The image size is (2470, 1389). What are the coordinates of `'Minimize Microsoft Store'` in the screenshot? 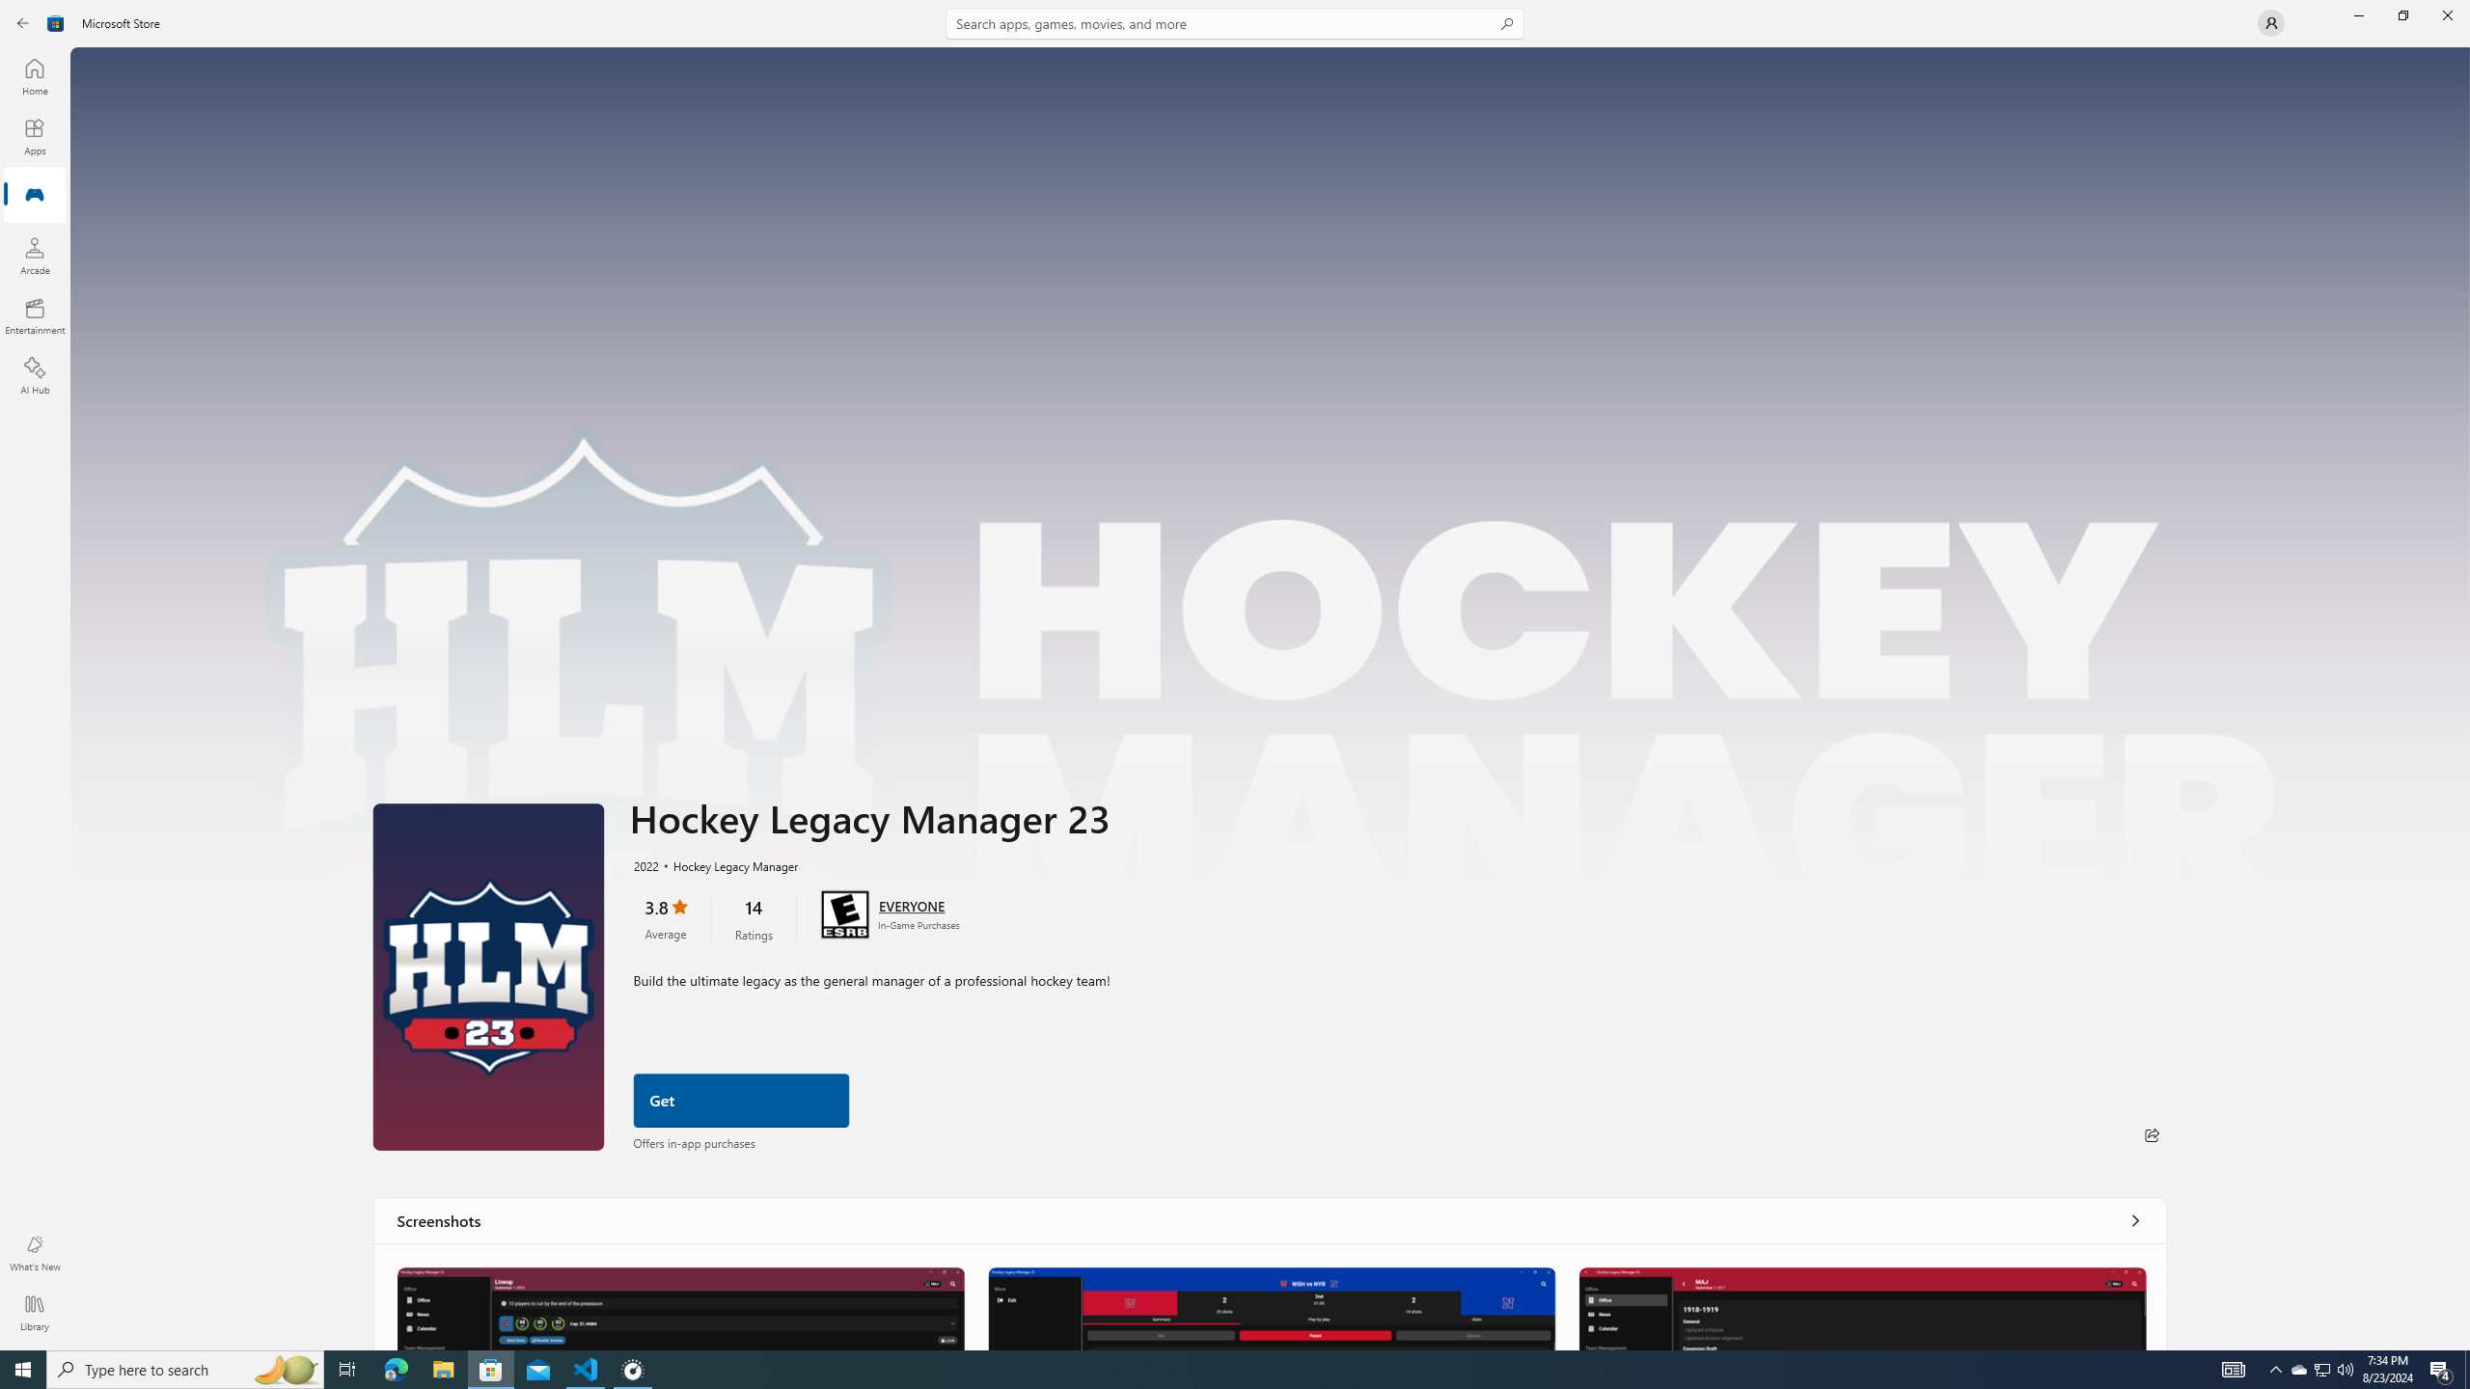 It's located at (2357, 14).